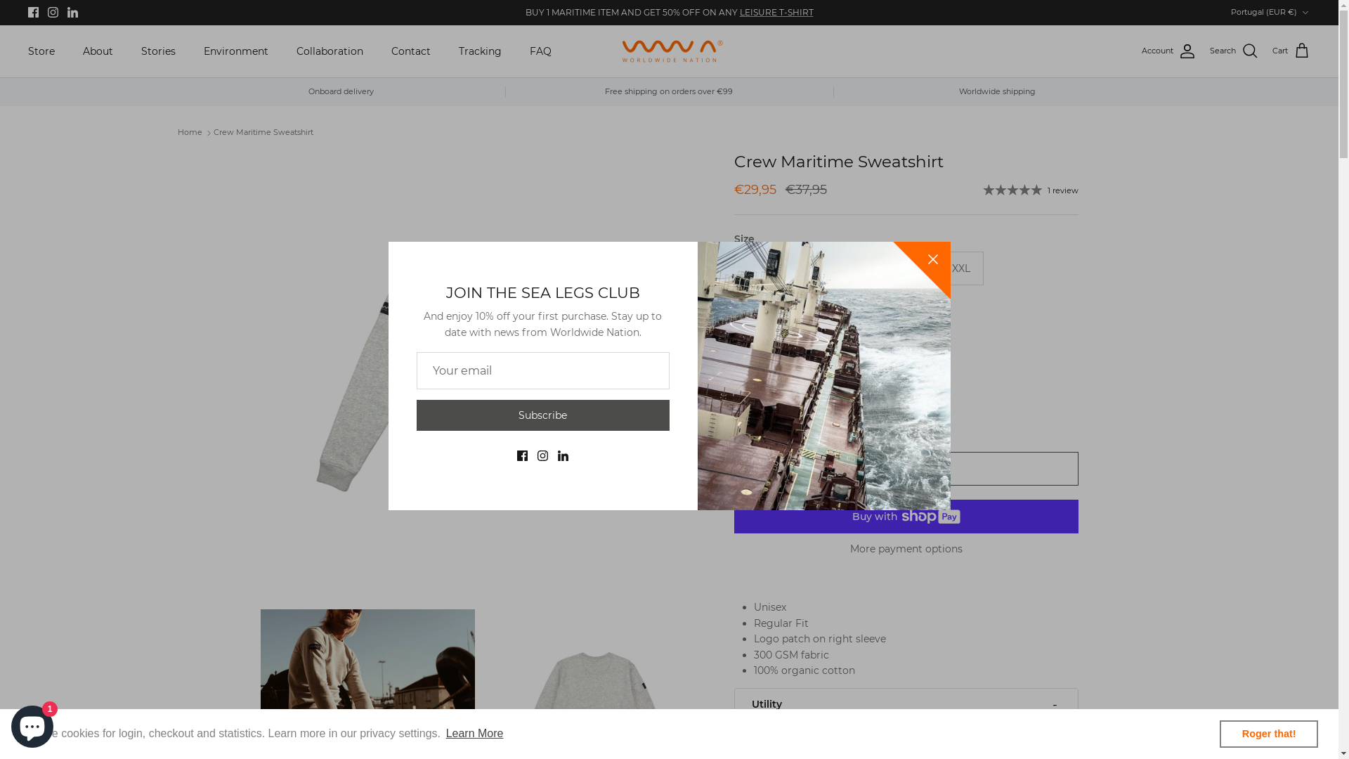 Image resolution: width=1349 pixels, height=759 pixels. I want to click on 'Search', so click(1233, 51).